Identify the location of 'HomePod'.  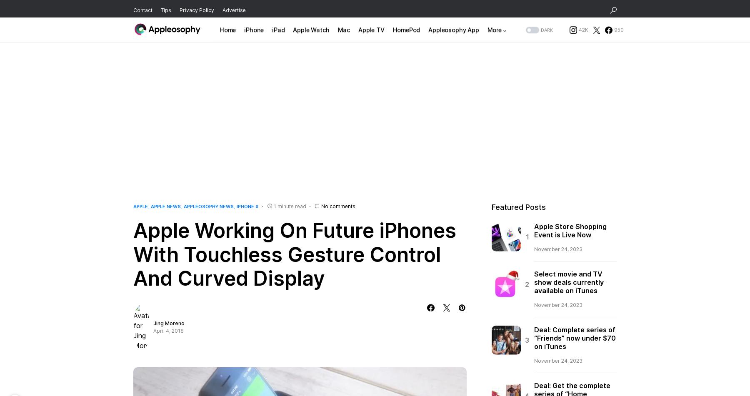
(406, 33).